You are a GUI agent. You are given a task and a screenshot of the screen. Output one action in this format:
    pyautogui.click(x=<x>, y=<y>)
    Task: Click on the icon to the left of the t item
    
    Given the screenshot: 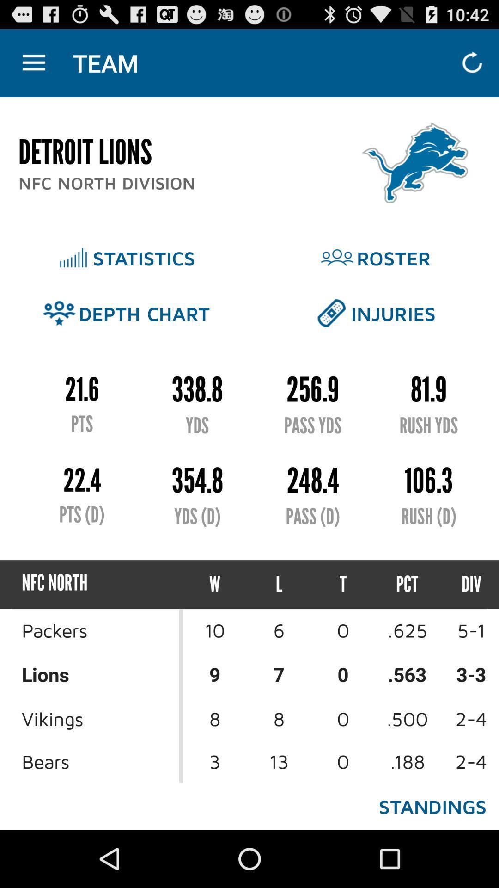 What is the action you would take?
    pyautogui.click(x=279, y=584)
    